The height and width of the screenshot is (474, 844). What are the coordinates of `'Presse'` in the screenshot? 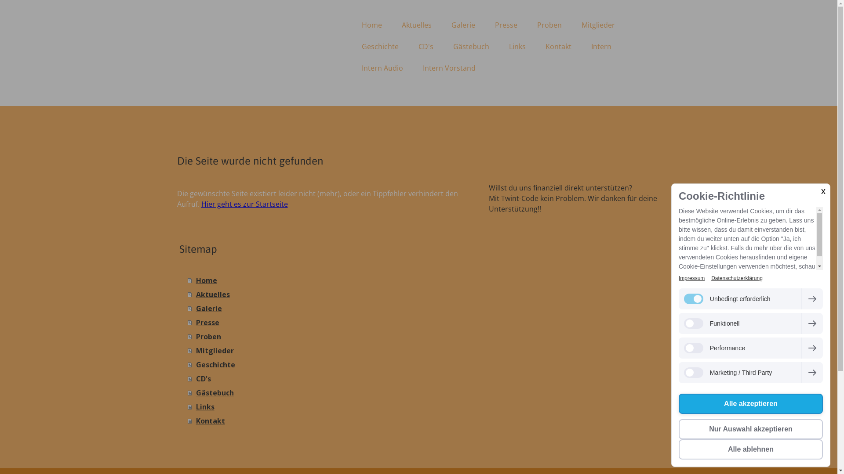 It's located at (187, 323).